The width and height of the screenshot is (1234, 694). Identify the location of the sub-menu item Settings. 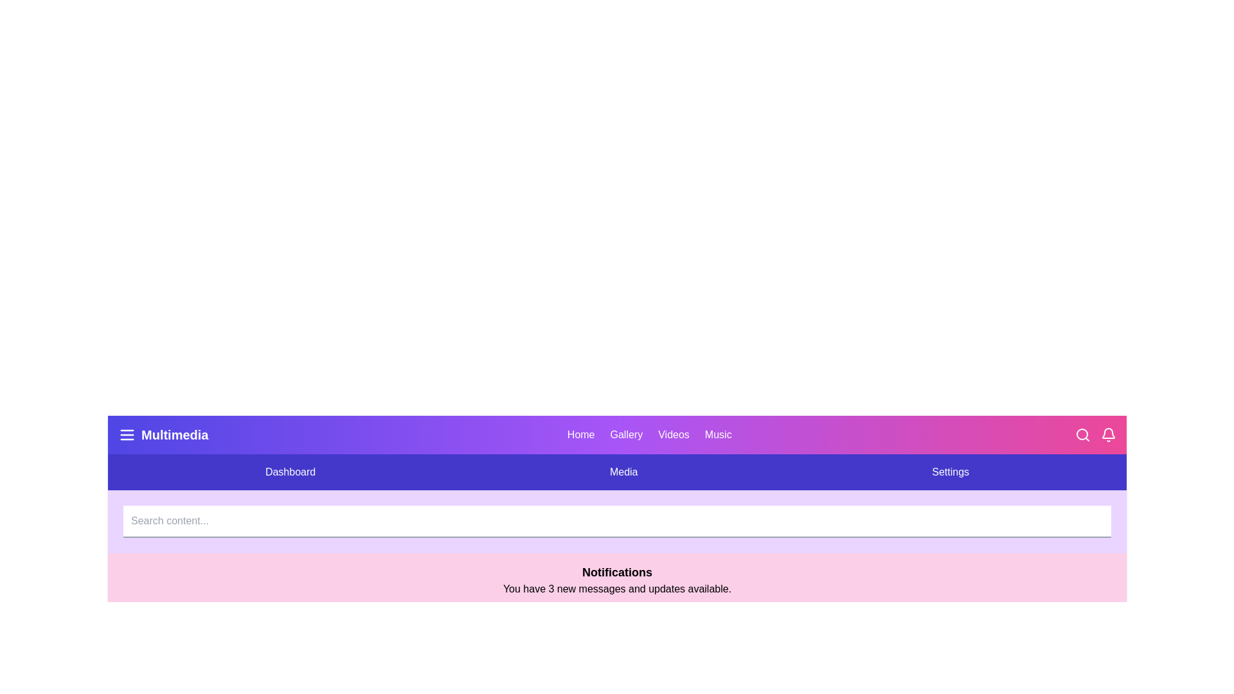
(951, 472).